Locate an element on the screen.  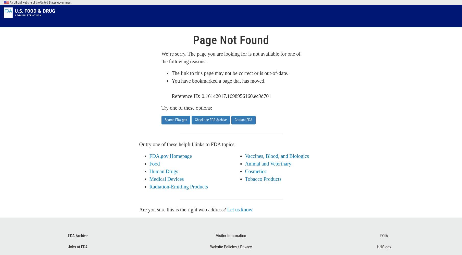
'Tobacco Products' is located at coordinates (263, 179).